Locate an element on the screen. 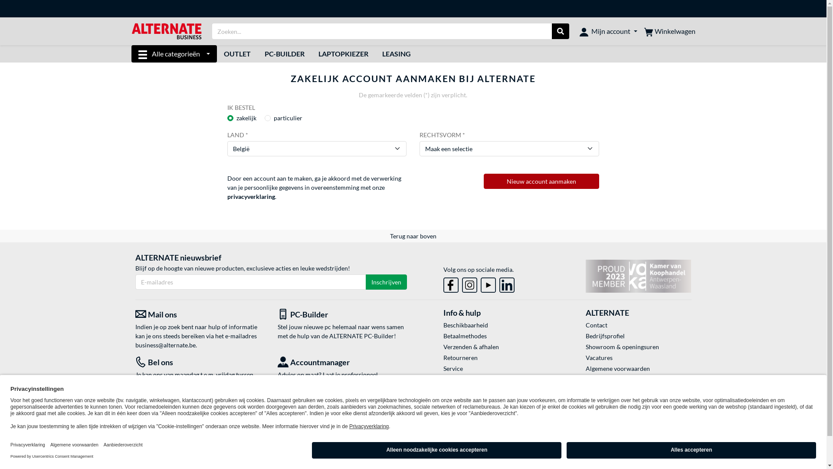 The height and width of the screenshot is (469, 833). 'Accountmanager' is located at coordinates (341, 362).